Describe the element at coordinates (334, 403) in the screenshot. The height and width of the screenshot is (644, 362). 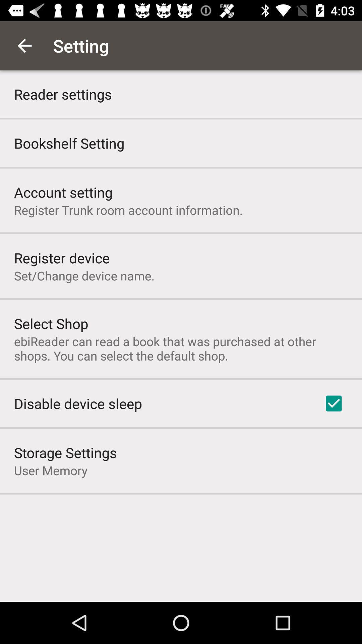
I see `the icon on the right` at that location.